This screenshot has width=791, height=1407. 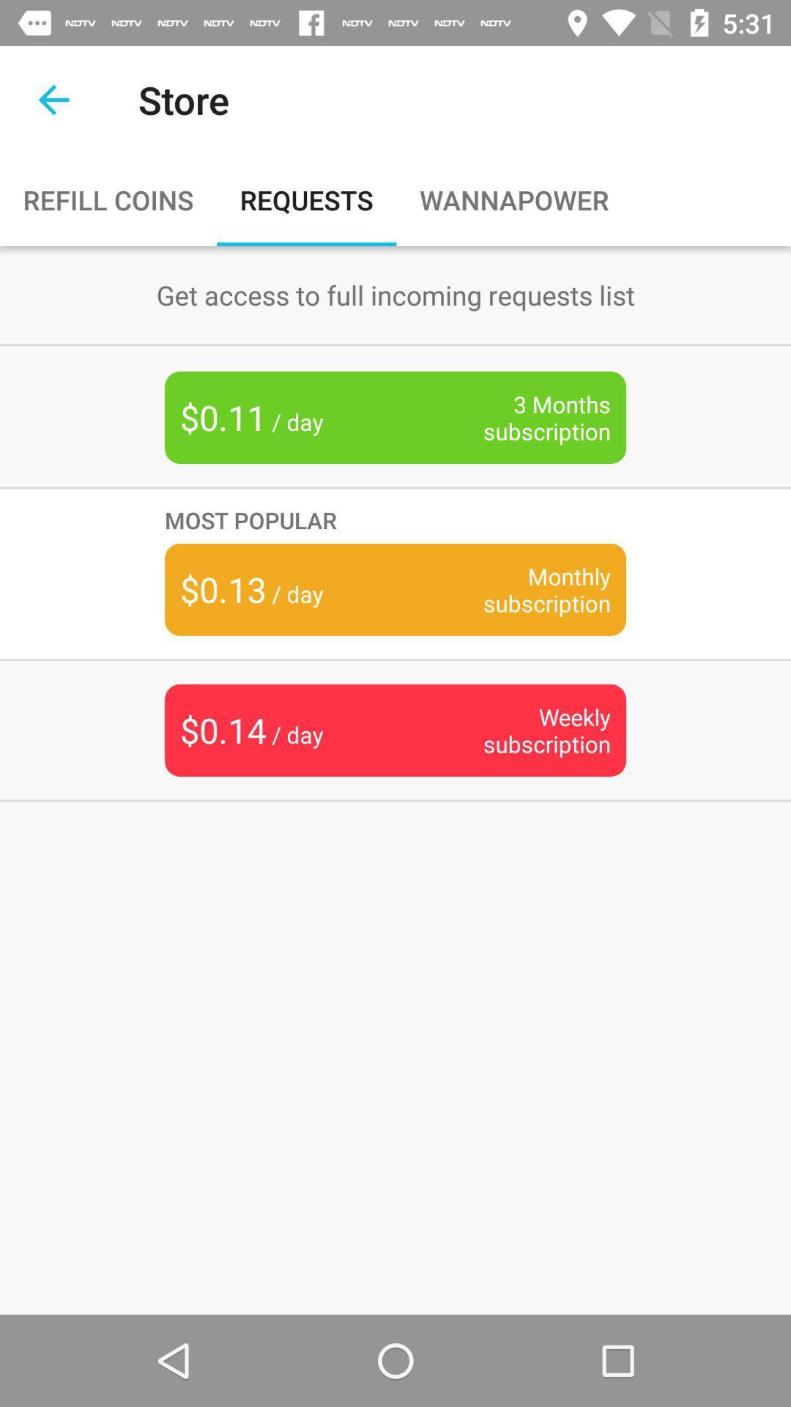 I want to click on item next to $0.11 / day item, so click(x=524, y=417).